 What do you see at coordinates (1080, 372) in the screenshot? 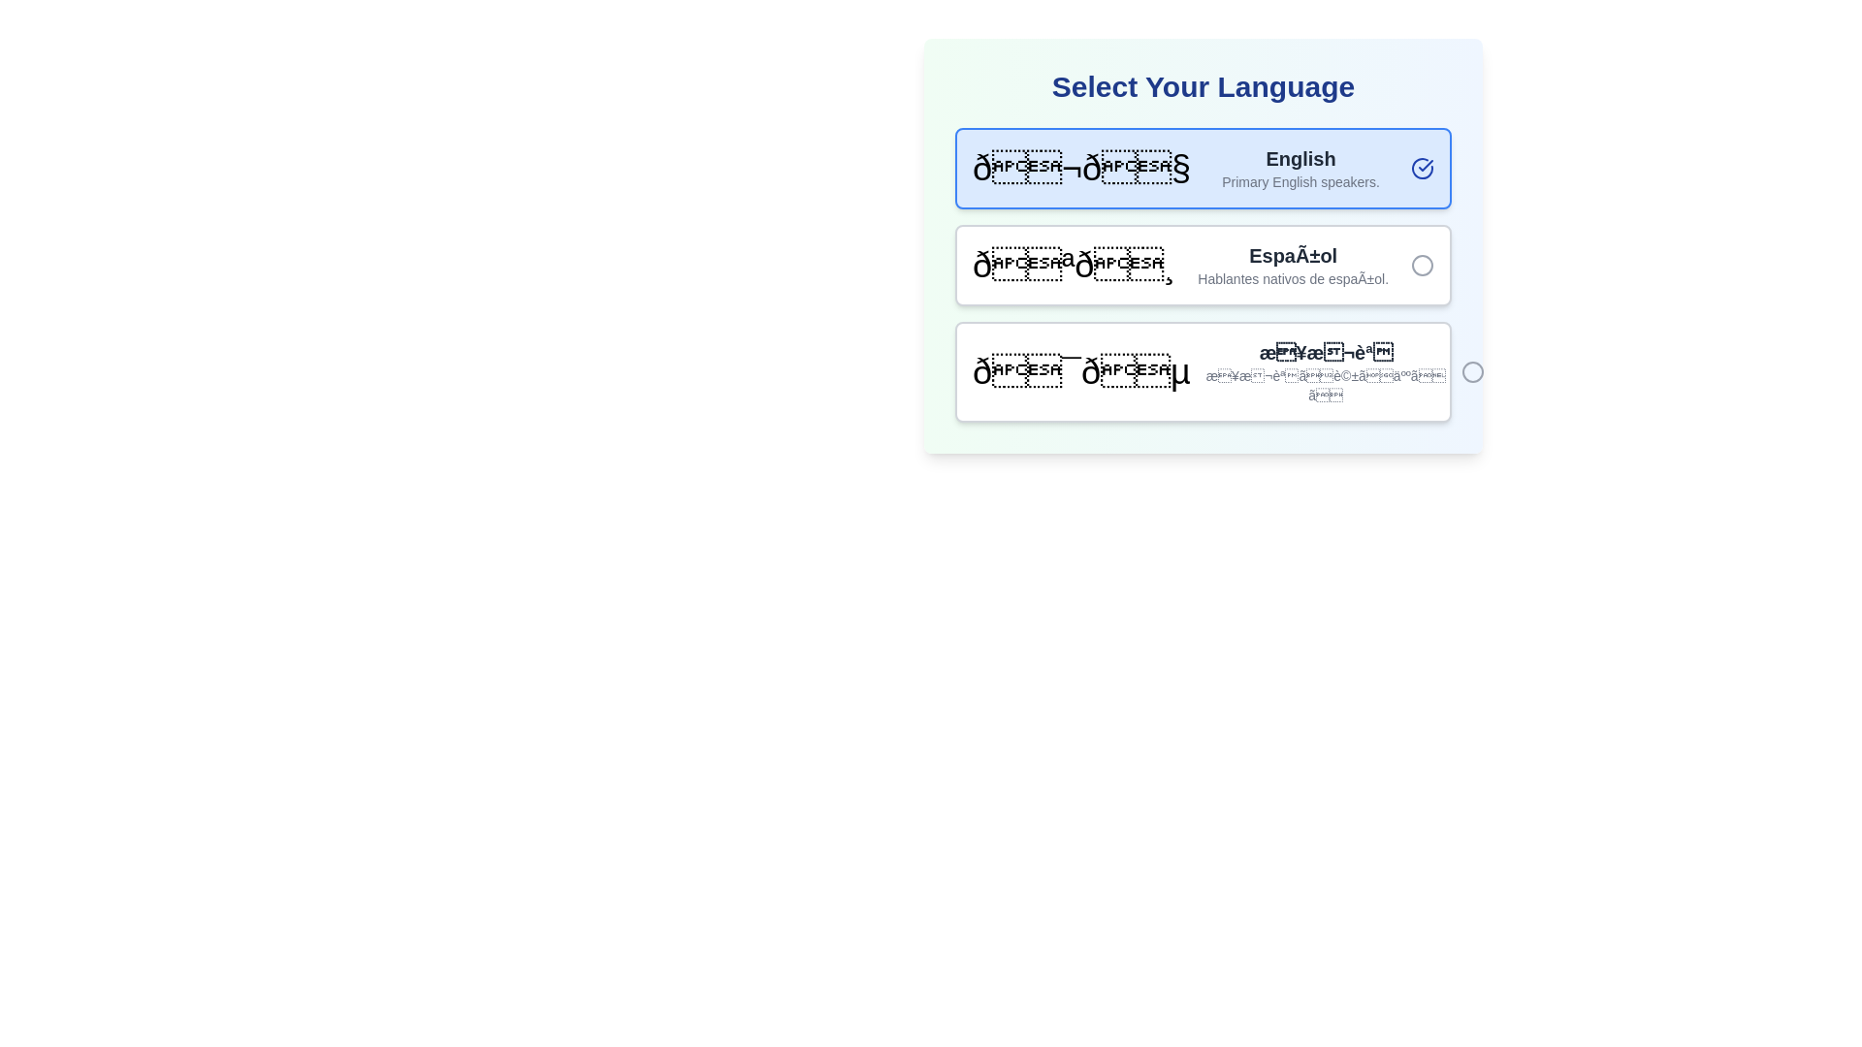
I see `the large-sized Unicode flag symbols for Japan` at bounding box center [1080, 372].